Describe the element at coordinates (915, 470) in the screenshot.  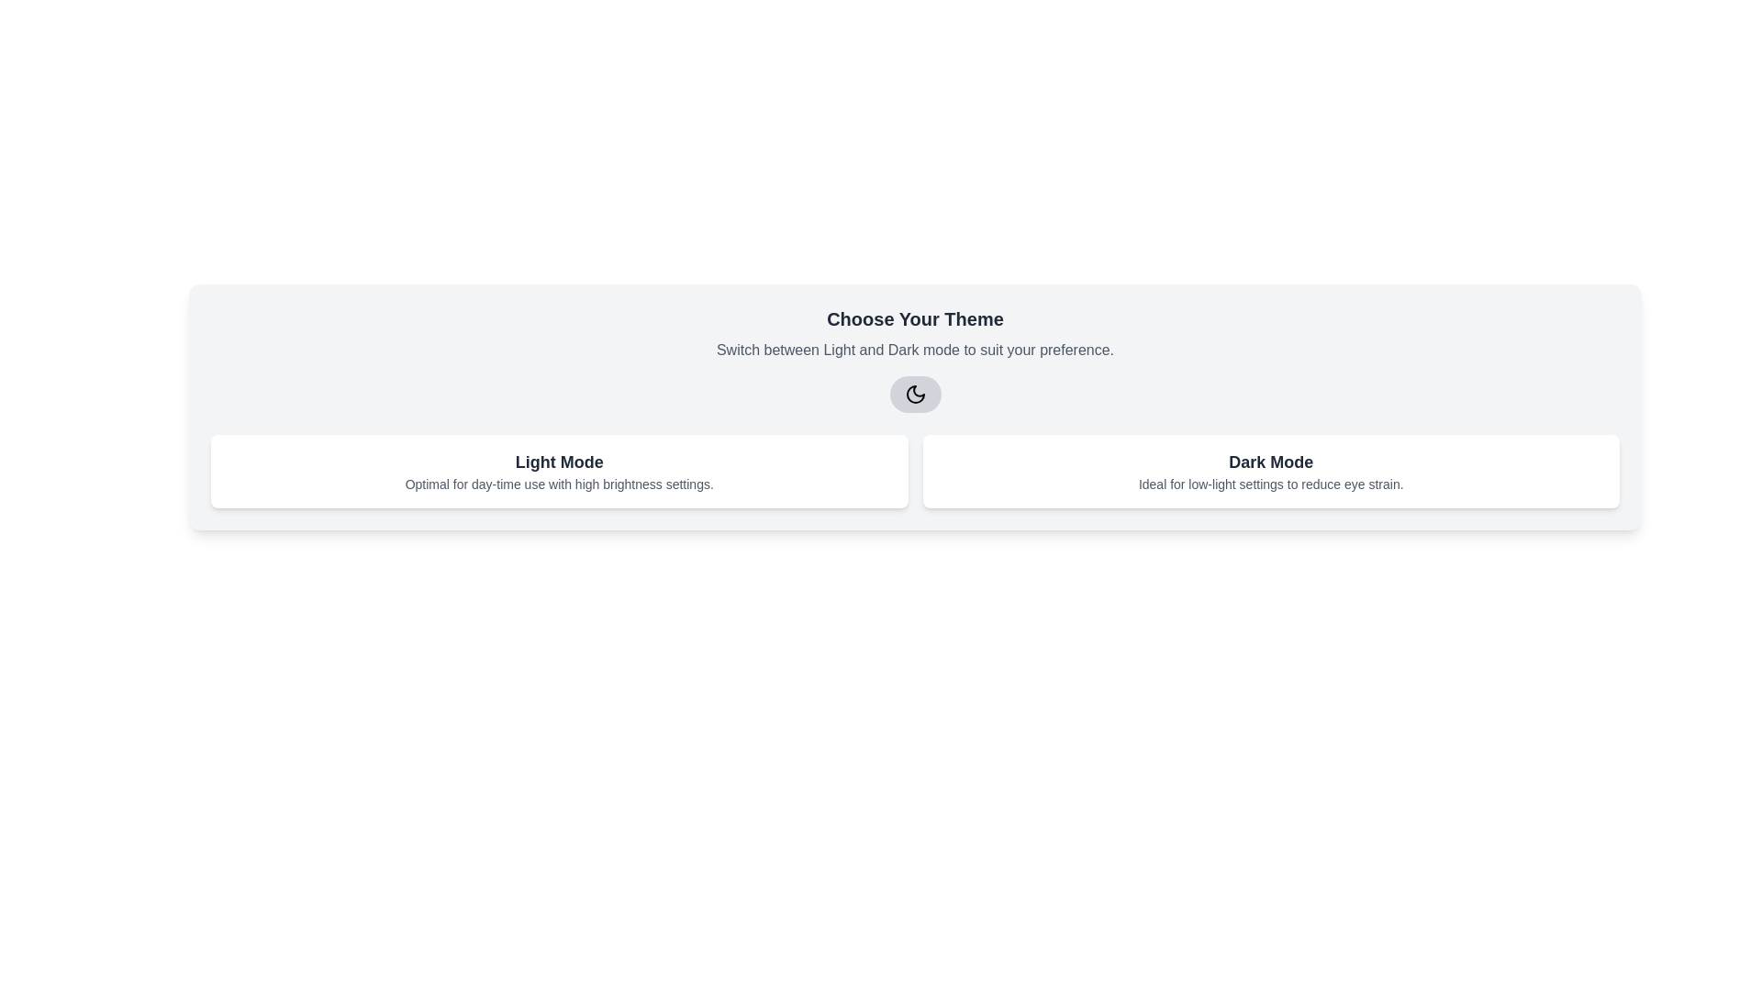
I see `the 'Light Mode' and 'Dark Mode' sections of the Informational grid layout for interactions` at that location.